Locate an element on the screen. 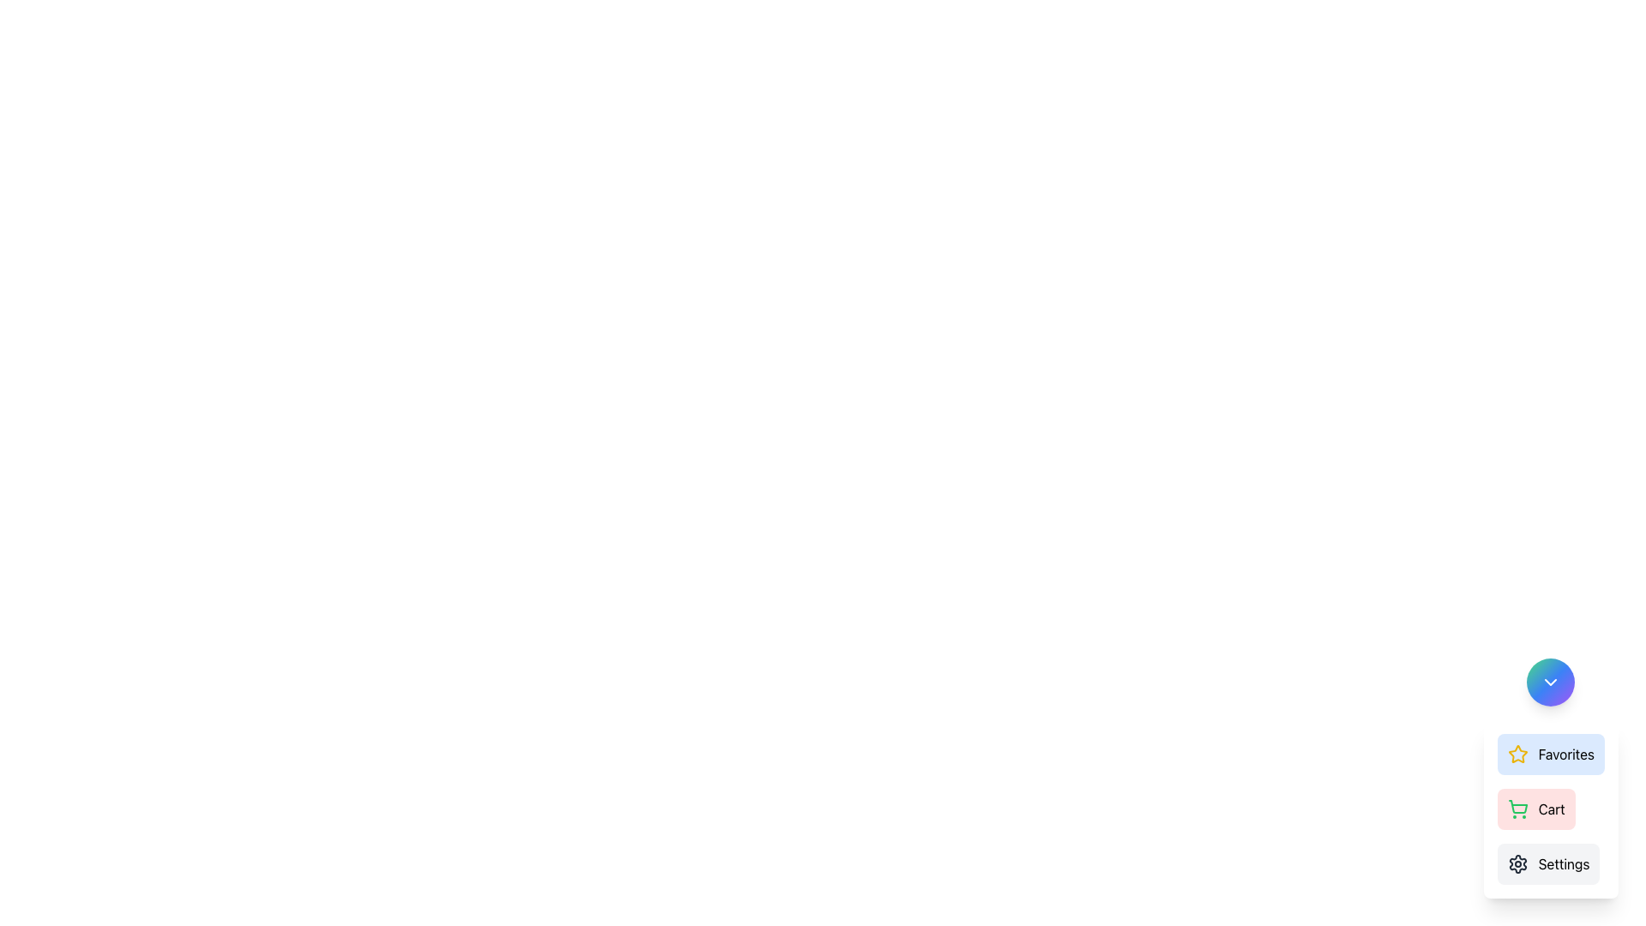 The height and width of the screenshot is (926, 1646). the settings icon located in the vertically-aligned menu is located at coordinates (1517, 863).